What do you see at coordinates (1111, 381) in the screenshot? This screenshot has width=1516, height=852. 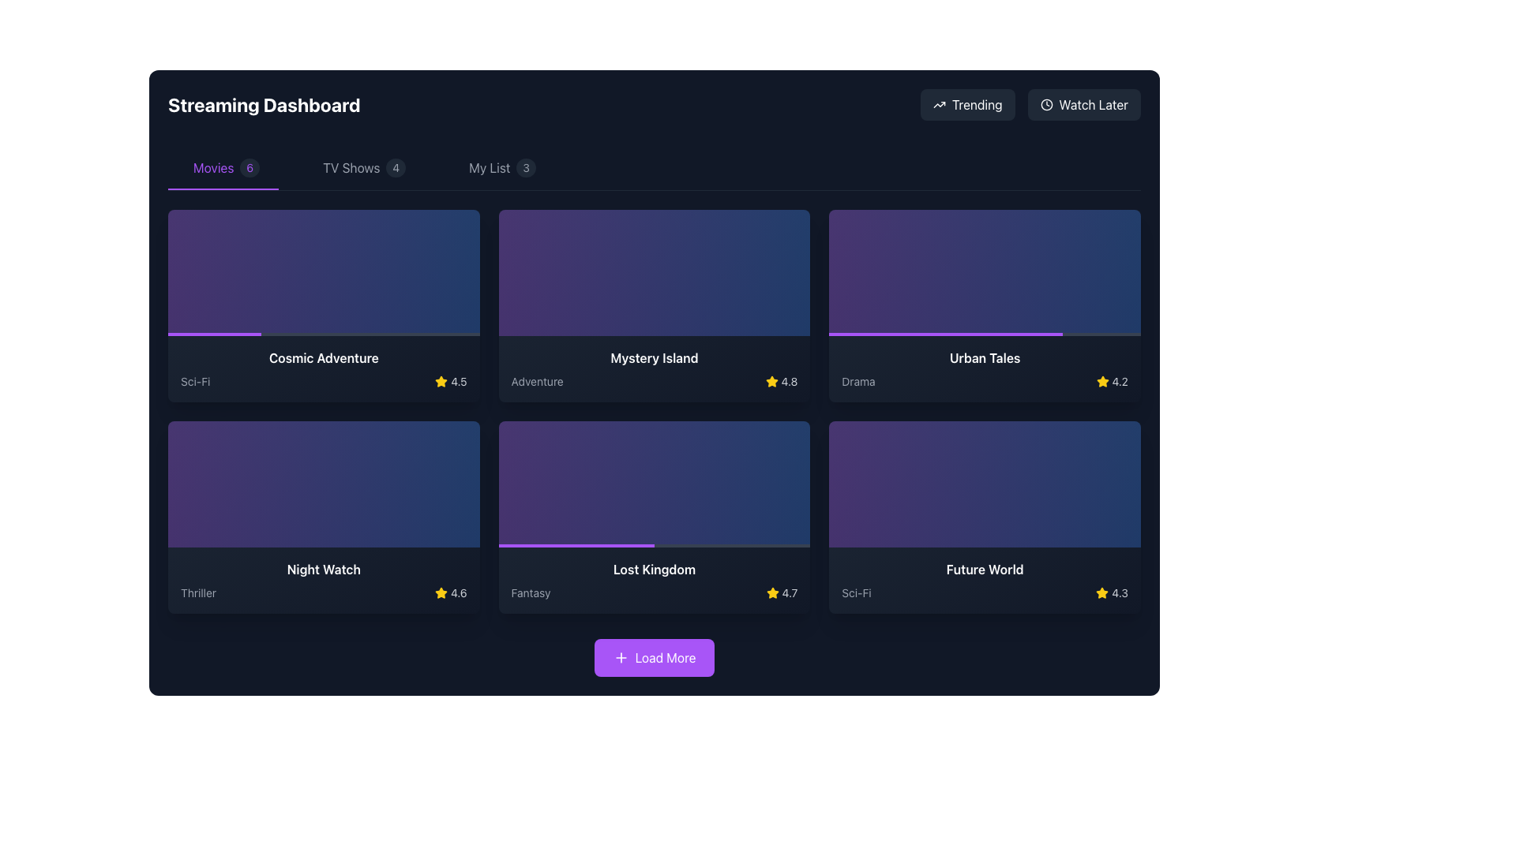 I see `the rating value displayed as '4.2' next to the golden star icon in the Drama section below the Urban Tales card` at bounding box center [1111, 381].